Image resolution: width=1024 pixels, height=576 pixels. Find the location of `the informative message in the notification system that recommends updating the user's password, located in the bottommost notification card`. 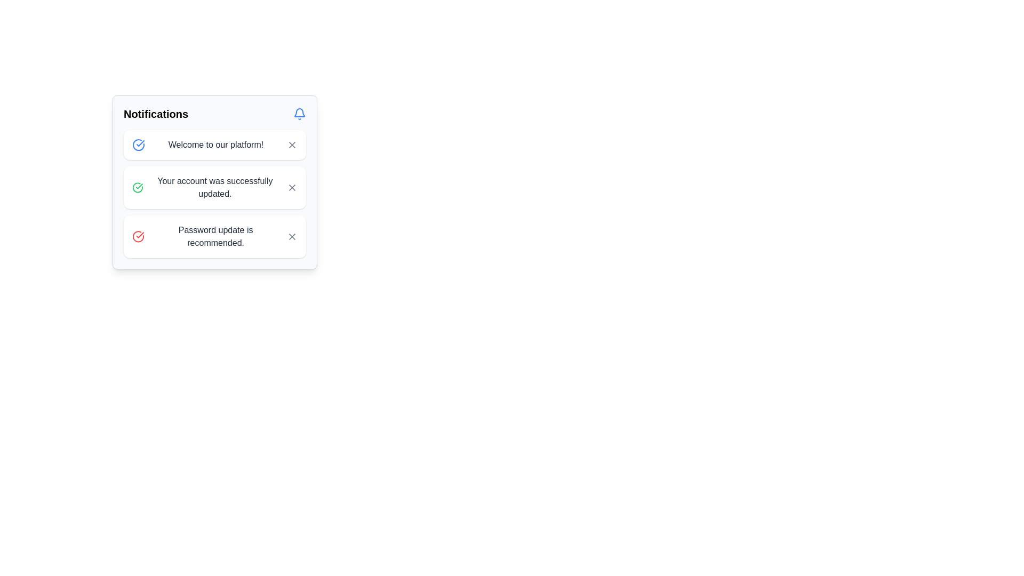

the informative message in the notification system that recommends updating the user's password, located in the bottommost notification card is located at coordinates (215, 236).